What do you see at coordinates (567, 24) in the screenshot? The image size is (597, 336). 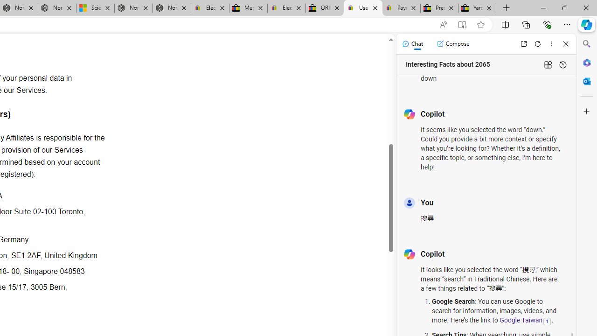 I see `'Settings and more (Alt+F)'` at bounding box center [567, 24].